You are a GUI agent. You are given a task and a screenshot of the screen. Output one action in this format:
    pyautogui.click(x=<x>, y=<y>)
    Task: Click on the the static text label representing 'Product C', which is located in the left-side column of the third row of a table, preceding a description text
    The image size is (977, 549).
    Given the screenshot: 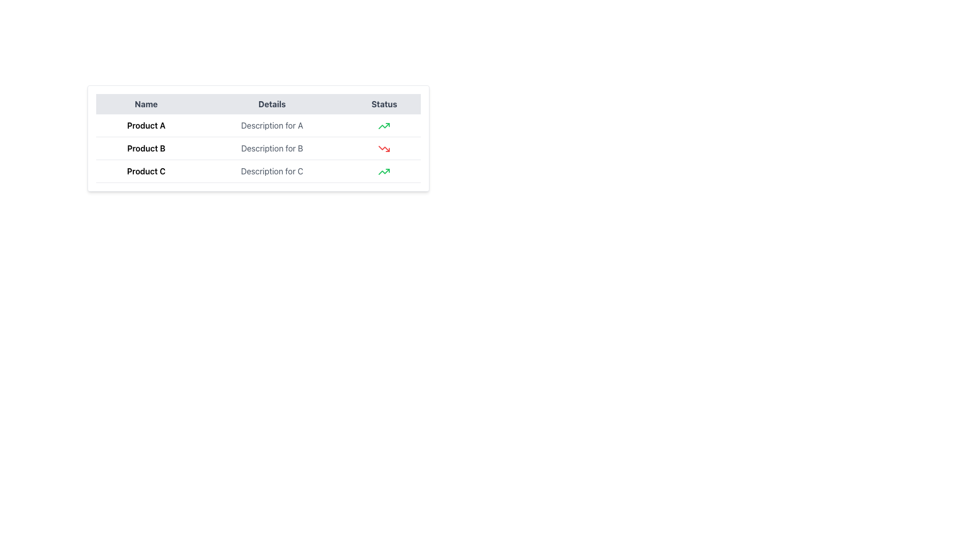 What is the action you would take?
    pyautogui.click(x=146, y=170)
    